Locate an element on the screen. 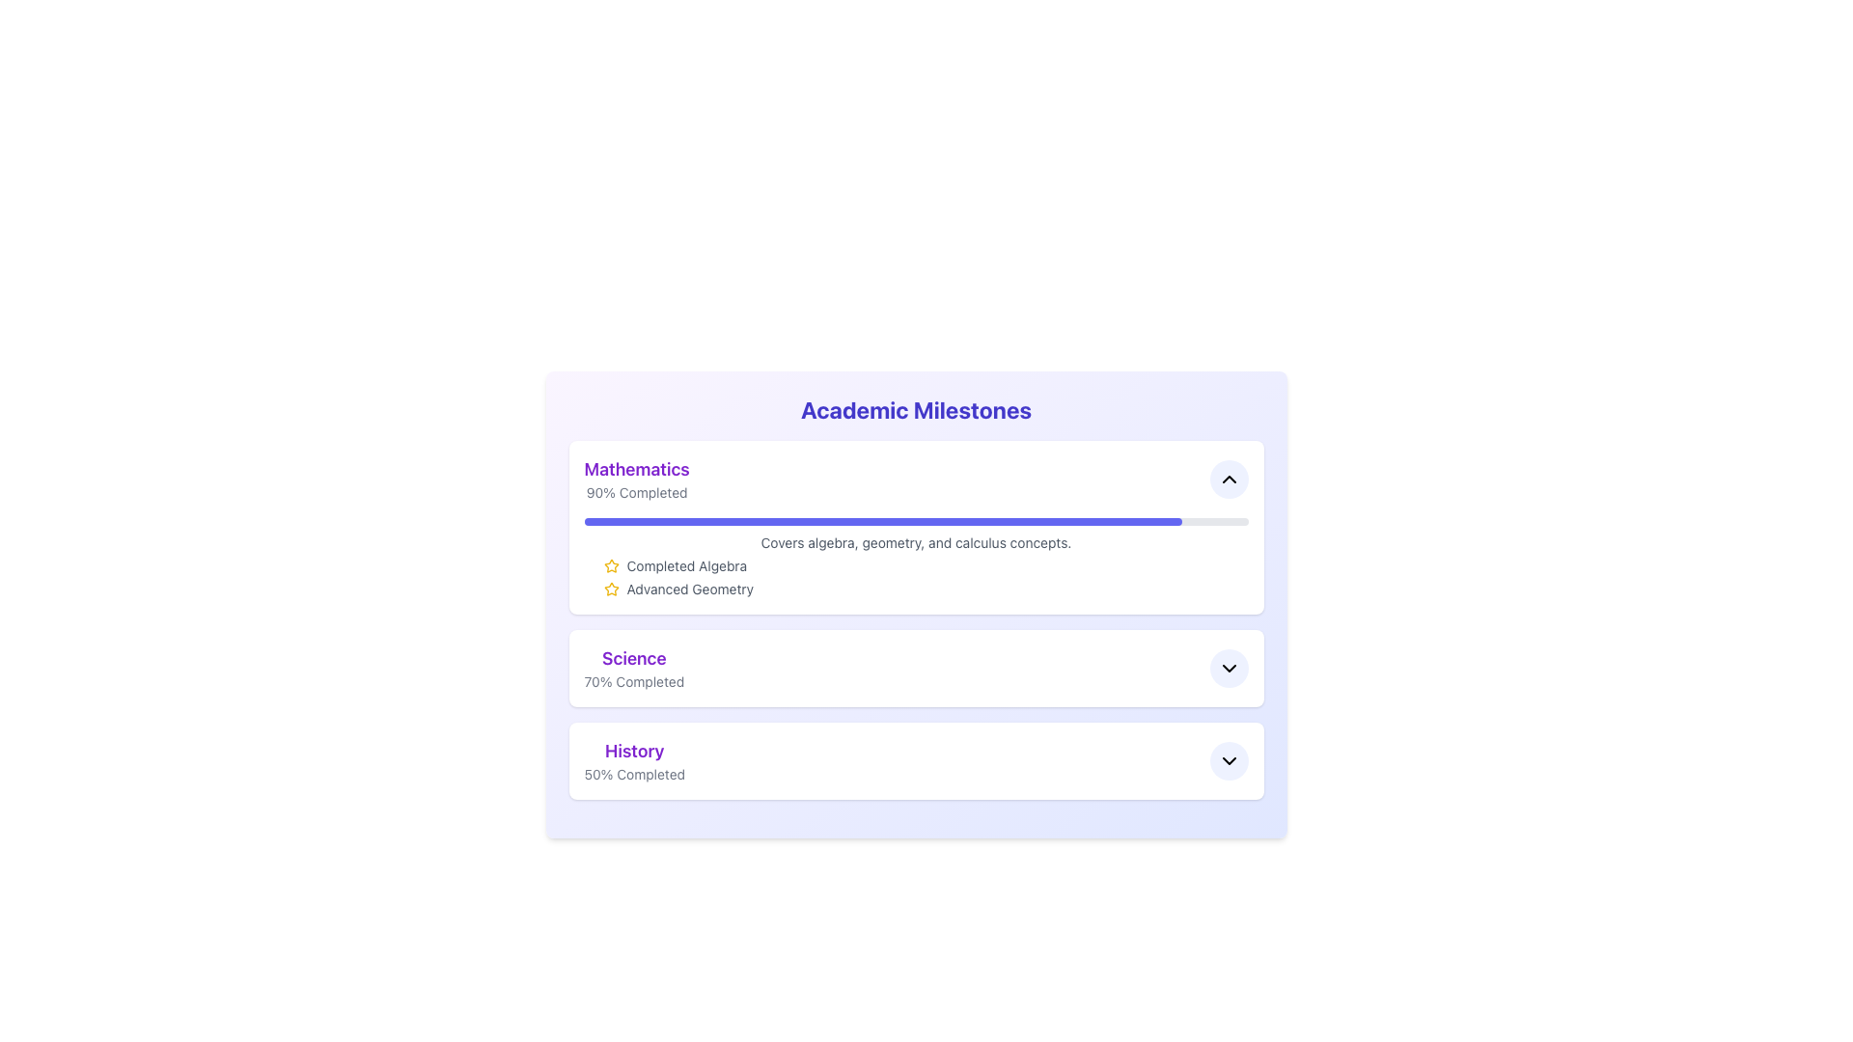 The width and height of the screenshot is (1853, 1042). the progress representation of the horizontal progress bar in the Mathematics section, which indicates that 90% of the task is completed is located at coordinates (915, 521).